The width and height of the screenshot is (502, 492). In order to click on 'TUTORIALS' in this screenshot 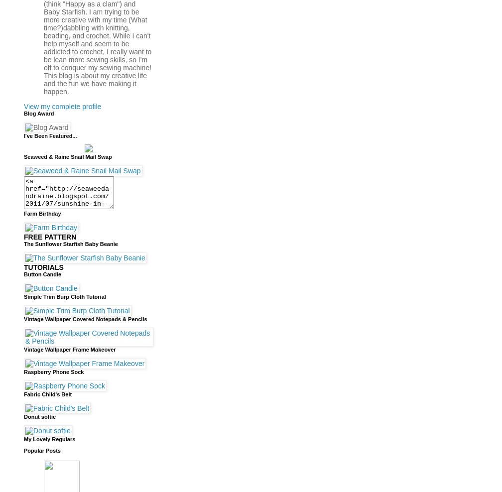, I will do `click(43, 266)`.